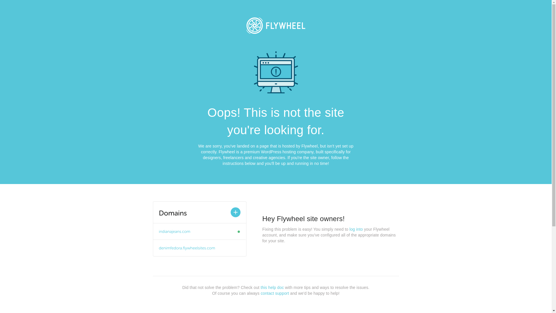  I want to click on 'contact support', so click(275, 293).